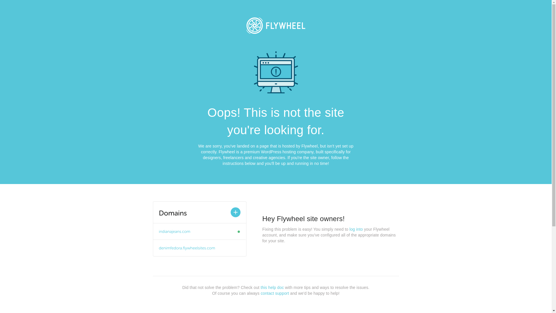  I want to click on 'contact support', so click(275, 293).